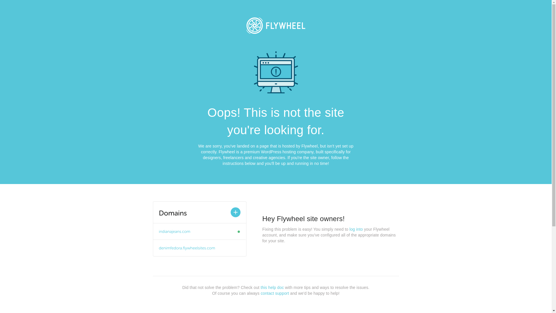  I want to click on 'contact support', so click(275, 293).